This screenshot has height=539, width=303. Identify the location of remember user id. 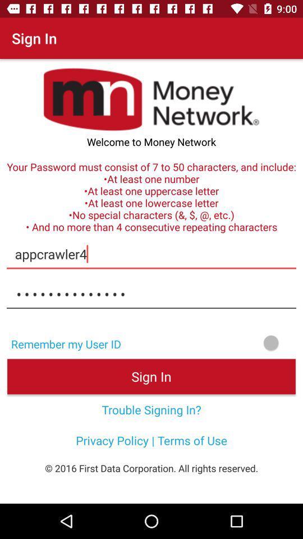
(215, 342).